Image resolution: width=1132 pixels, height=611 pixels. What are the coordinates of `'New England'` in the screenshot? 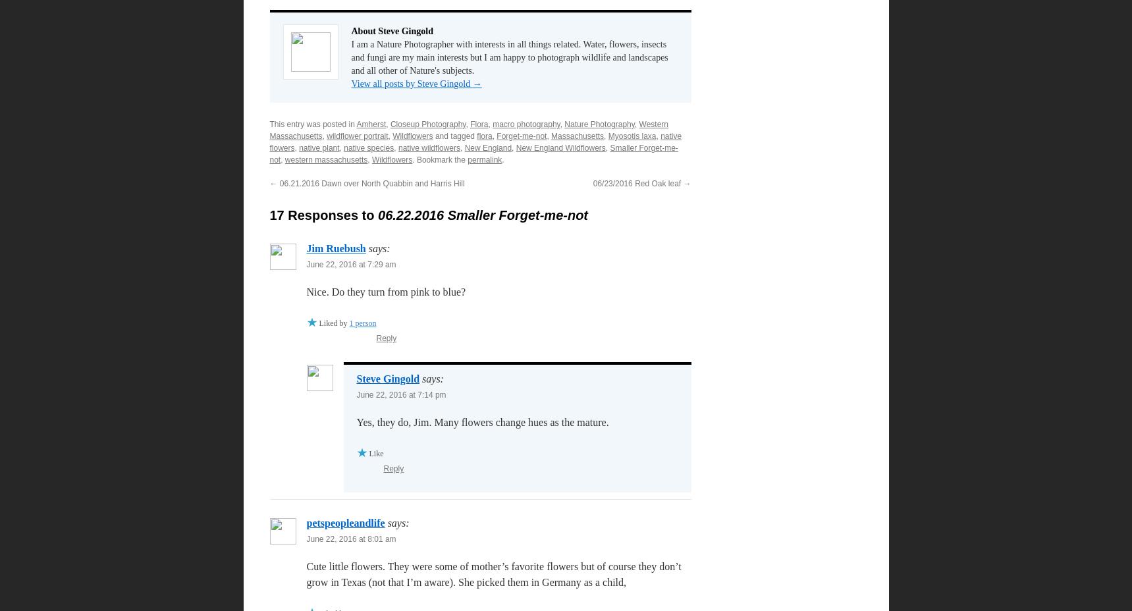 It's located at (488, 148).